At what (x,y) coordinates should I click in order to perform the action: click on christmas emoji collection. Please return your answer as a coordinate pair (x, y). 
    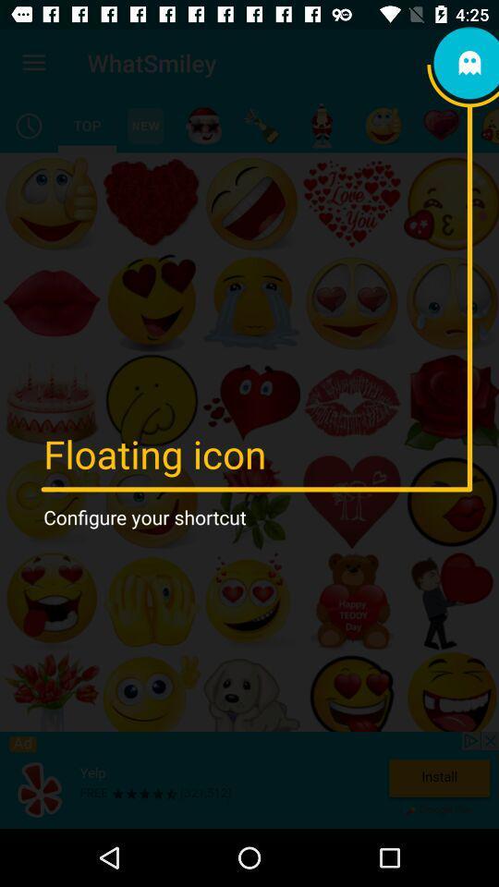
    Looking at the image, I should click on (202, 125).